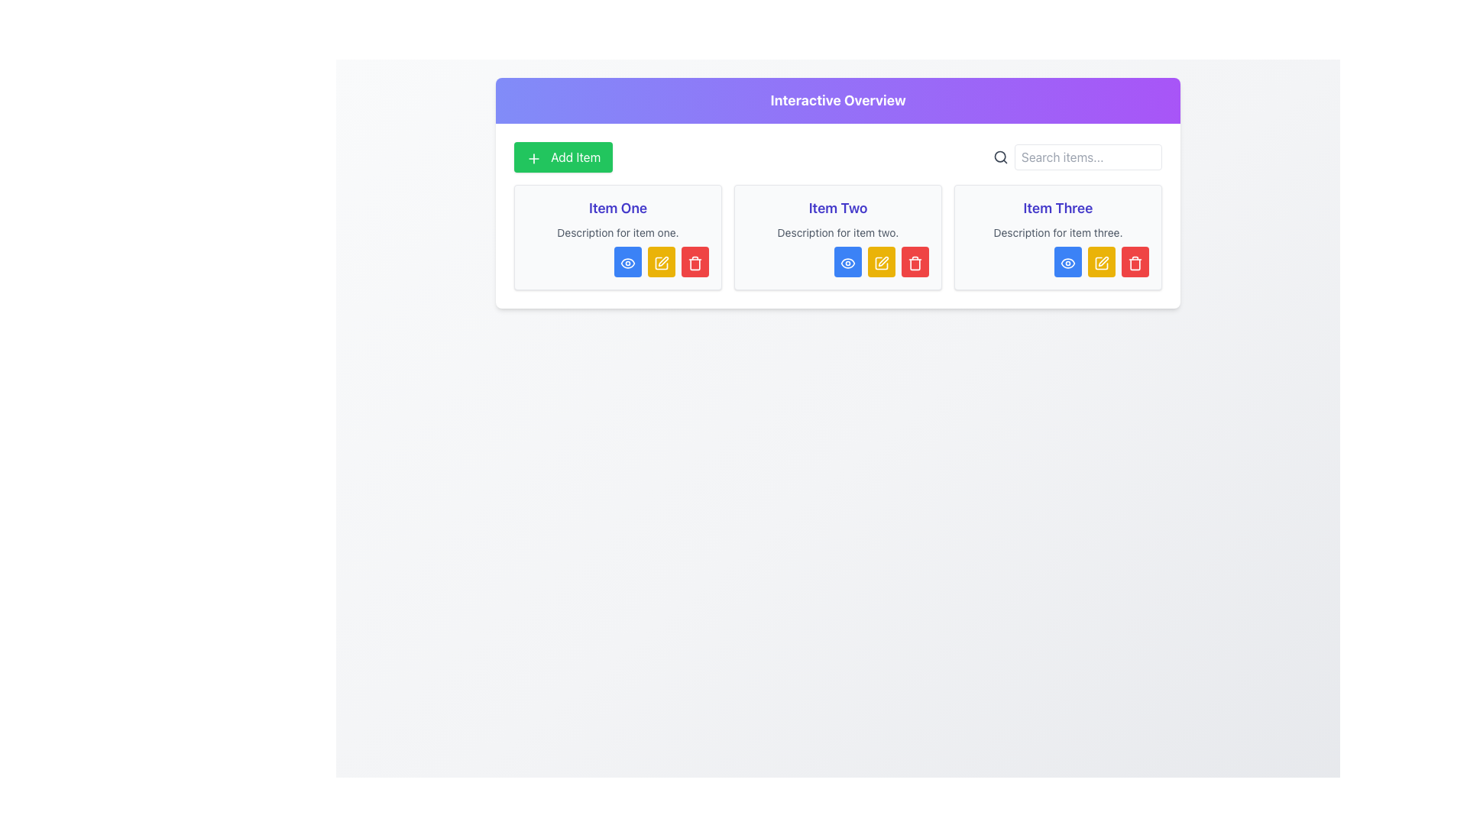 The height and width of the screenshot is (825, 1467). What do you see at coordinates (534, 158) in the screenshot?
I see `the plus icon within the green 'Add Item' button to trigger any hover effects` at bounding box center [534, 158].